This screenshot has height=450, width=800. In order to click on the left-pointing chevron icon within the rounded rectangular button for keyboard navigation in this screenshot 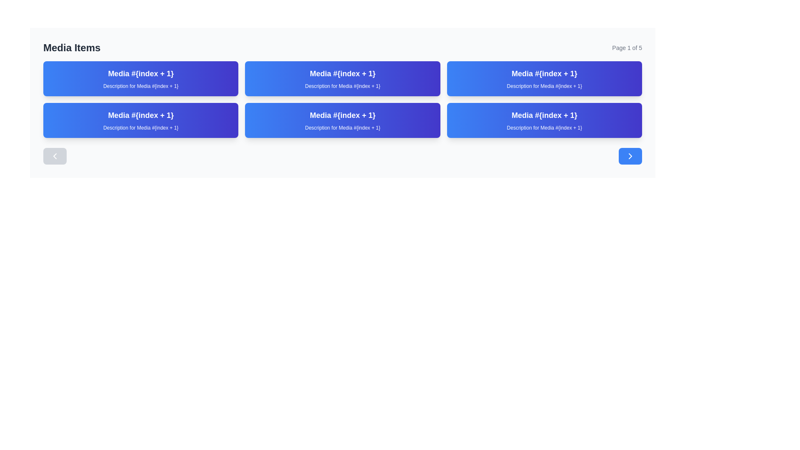, I will do `click(55, 156)`.